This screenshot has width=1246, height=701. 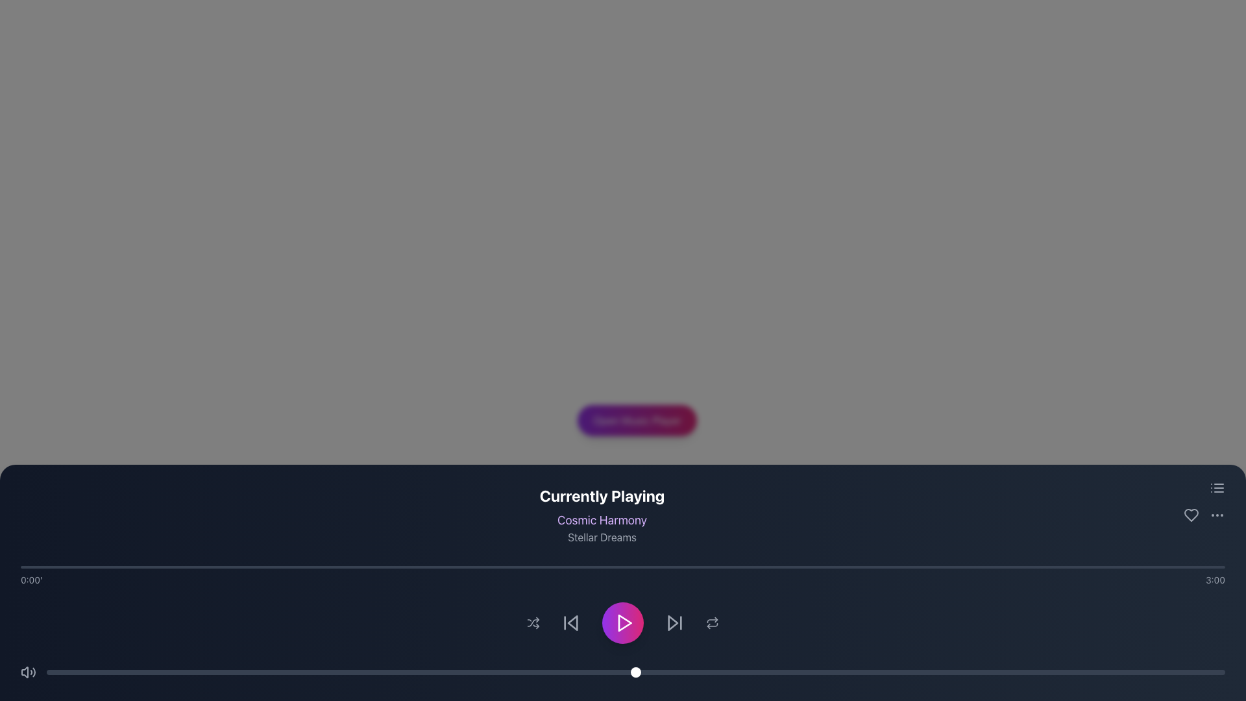 What do you see at coordinates (1204, 515) in the screenshot?
I see `the more options icon located at the far right of the media control bar` at bounding box center [1204, 515].